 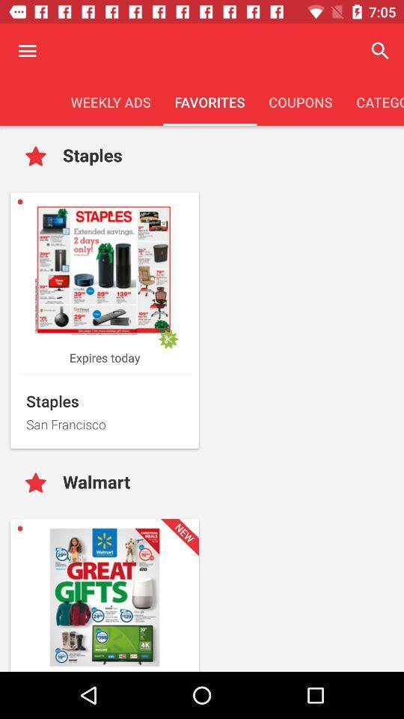 What do you see at coordinates (39, 483) in the screenshot?
I see `and save your favorite advertisements` at bounding box center [39, 483].